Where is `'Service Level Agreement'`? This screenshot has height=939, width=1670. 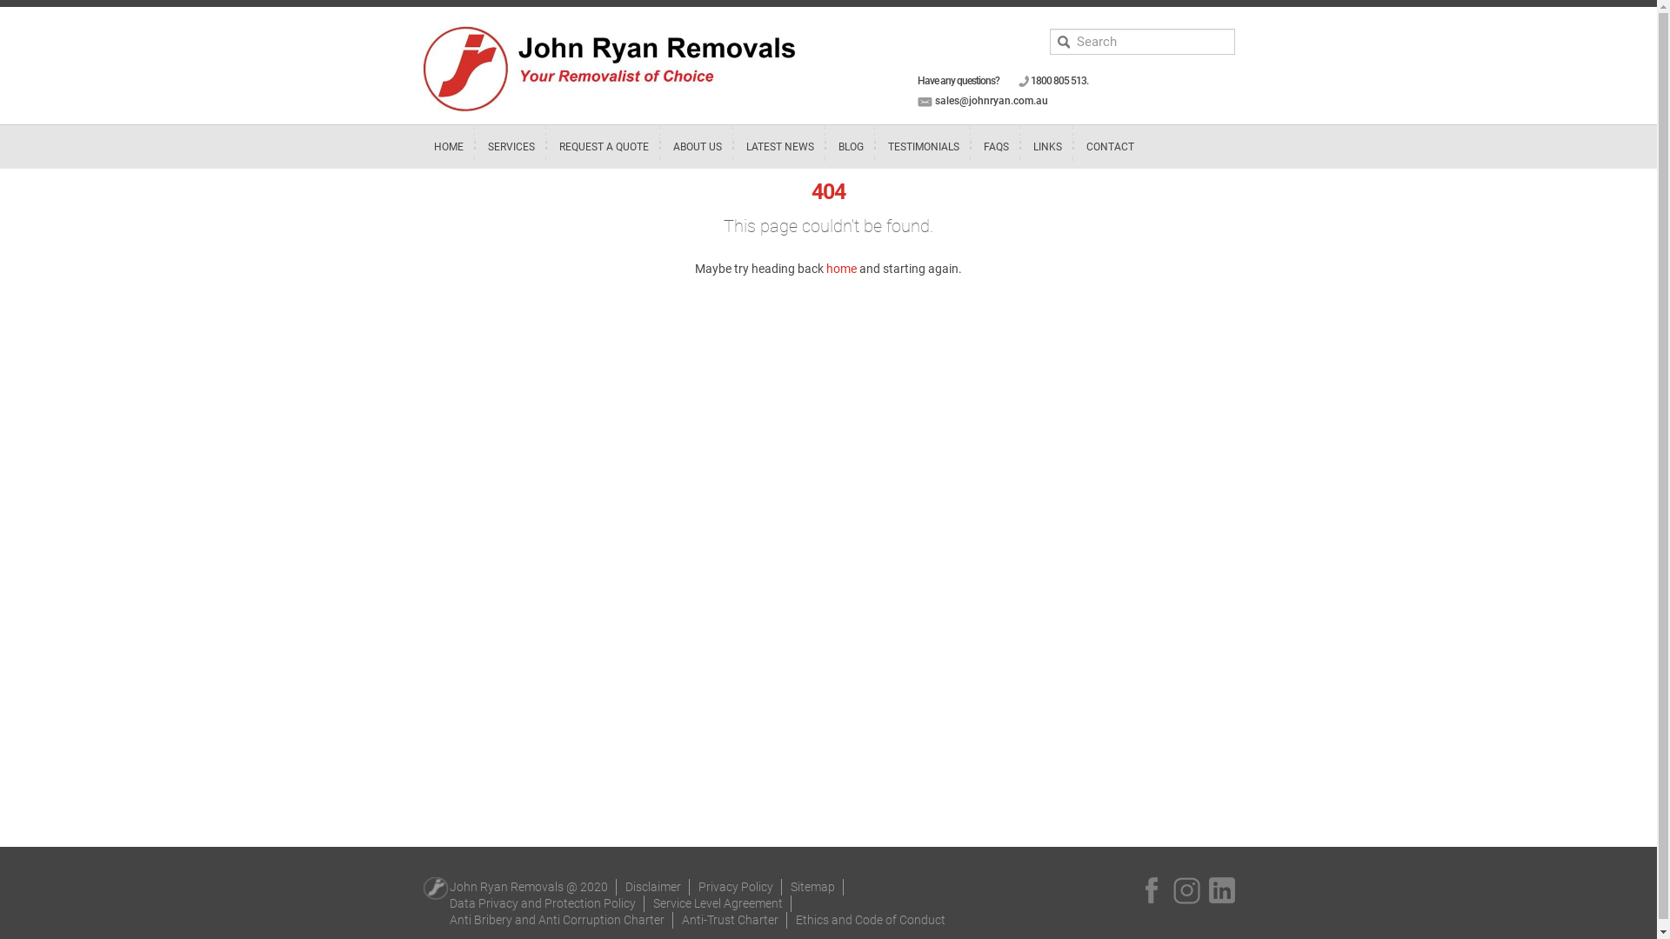 'Service Level Agreement' is located at coordinates (718, 902).